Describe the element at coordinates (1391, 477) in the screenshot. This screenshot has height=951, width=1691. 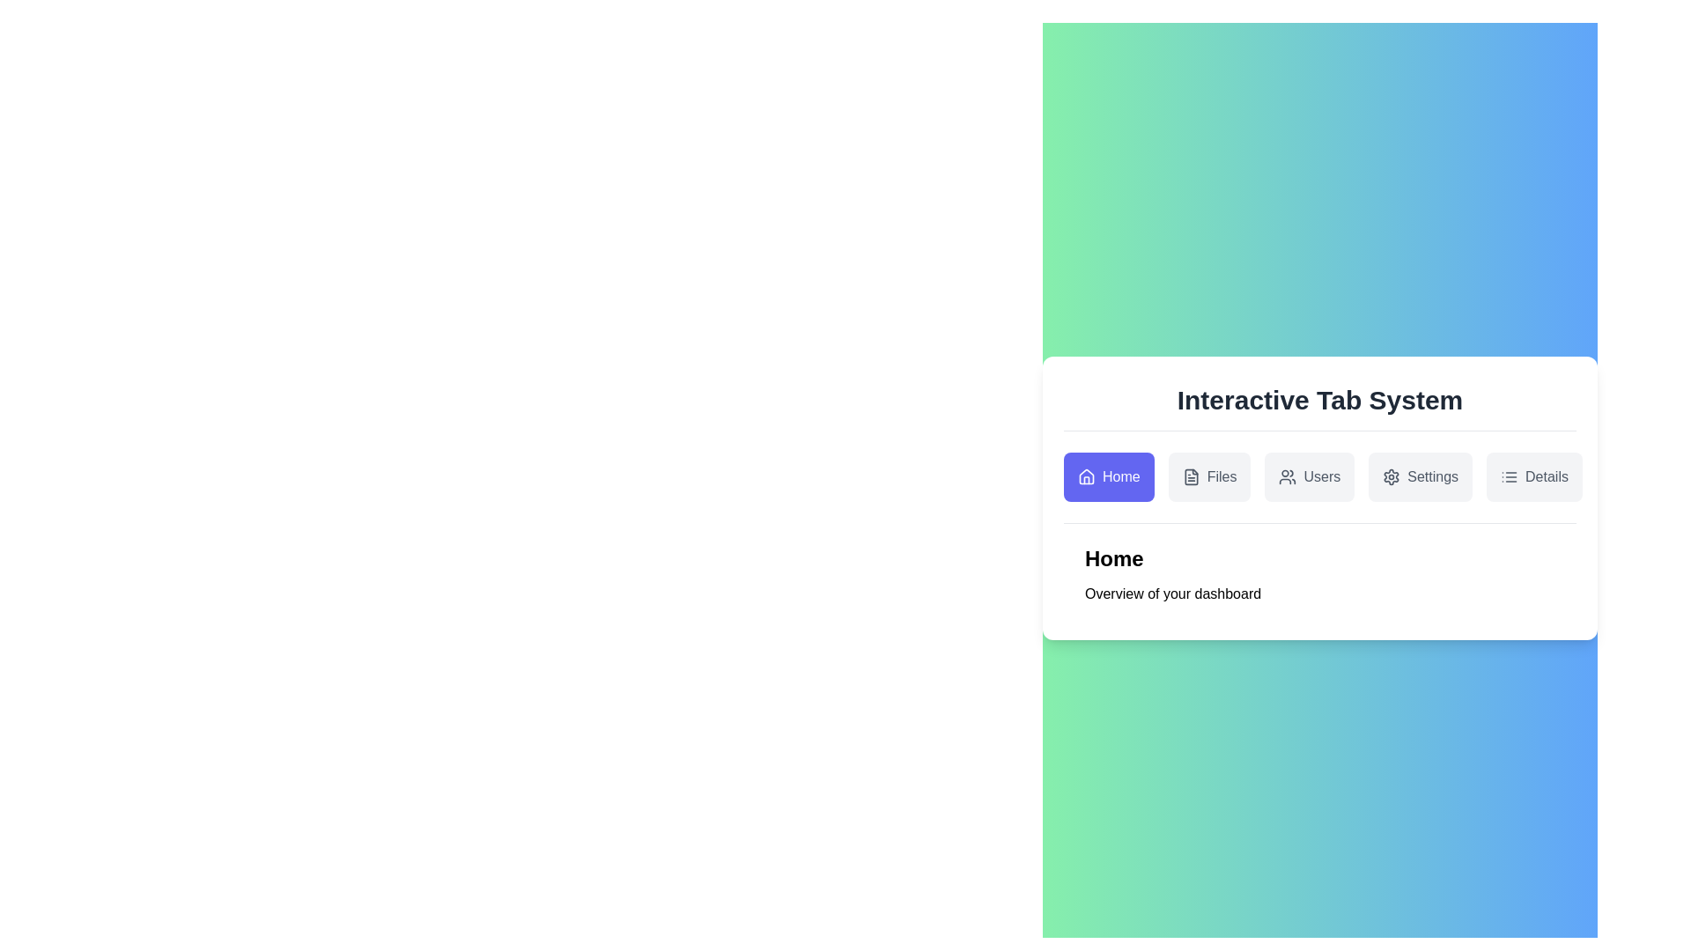
I see `the gear-shaped icon within the 'Settings' tab, located to the left of the text 'Settings'` at that location.